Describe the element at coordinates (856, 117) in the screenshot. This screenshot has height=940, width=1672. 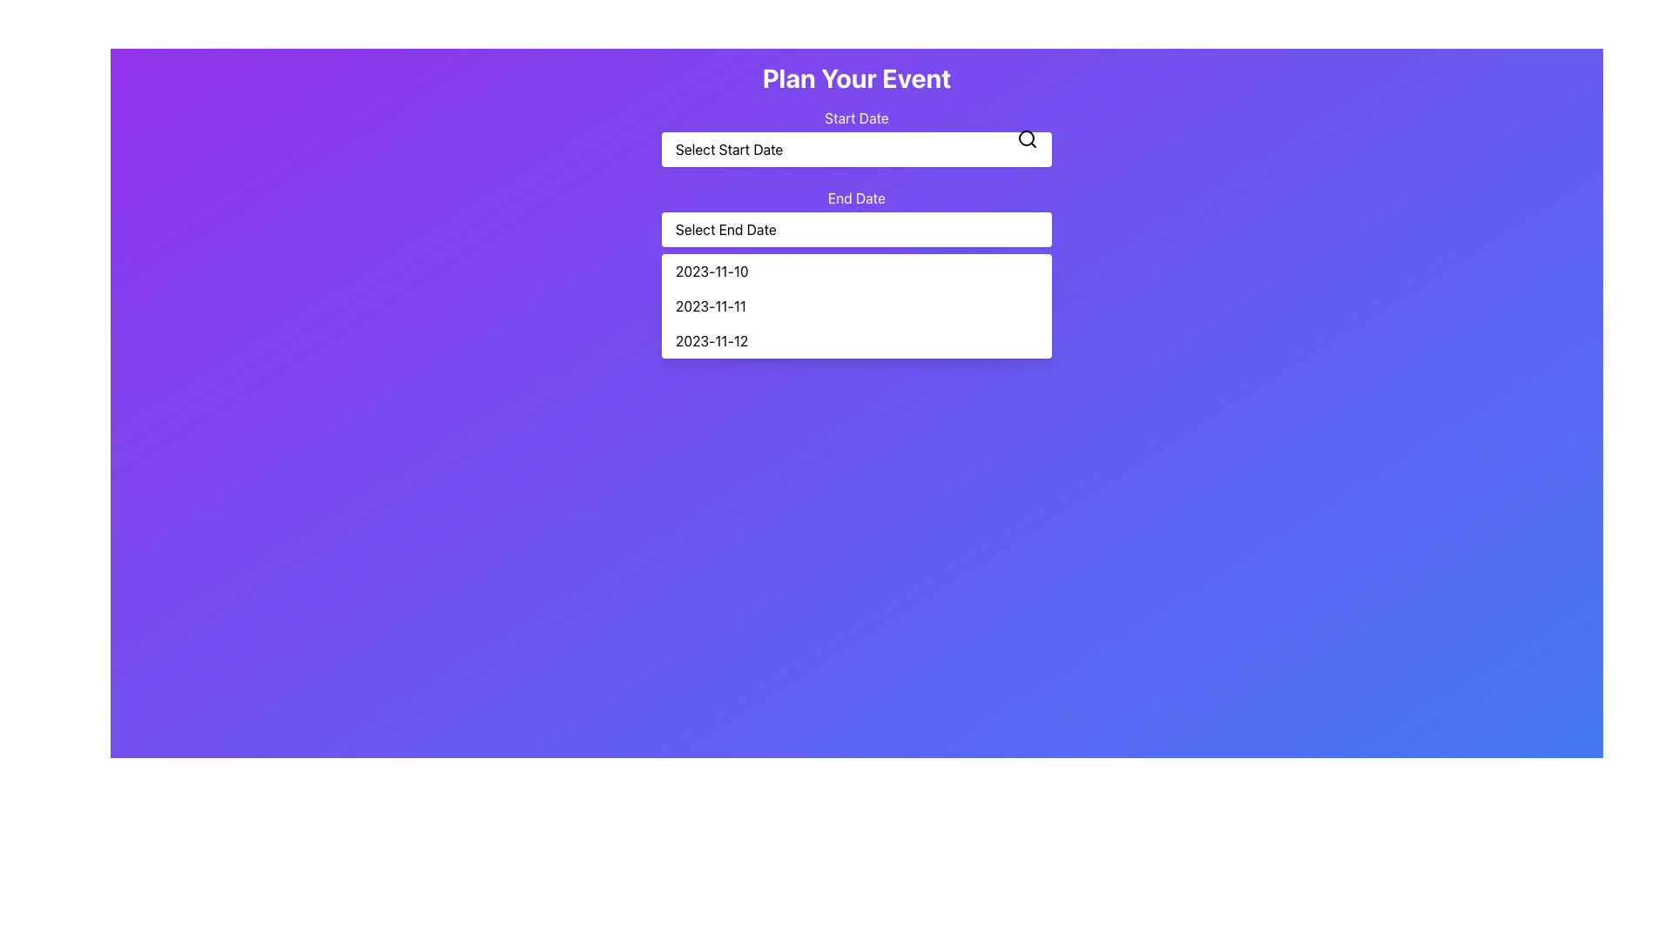
I see `the 'Start Date' text label, which displays in bold white font on a purple background, positioned above the 'Select Start Date' field` at that location.